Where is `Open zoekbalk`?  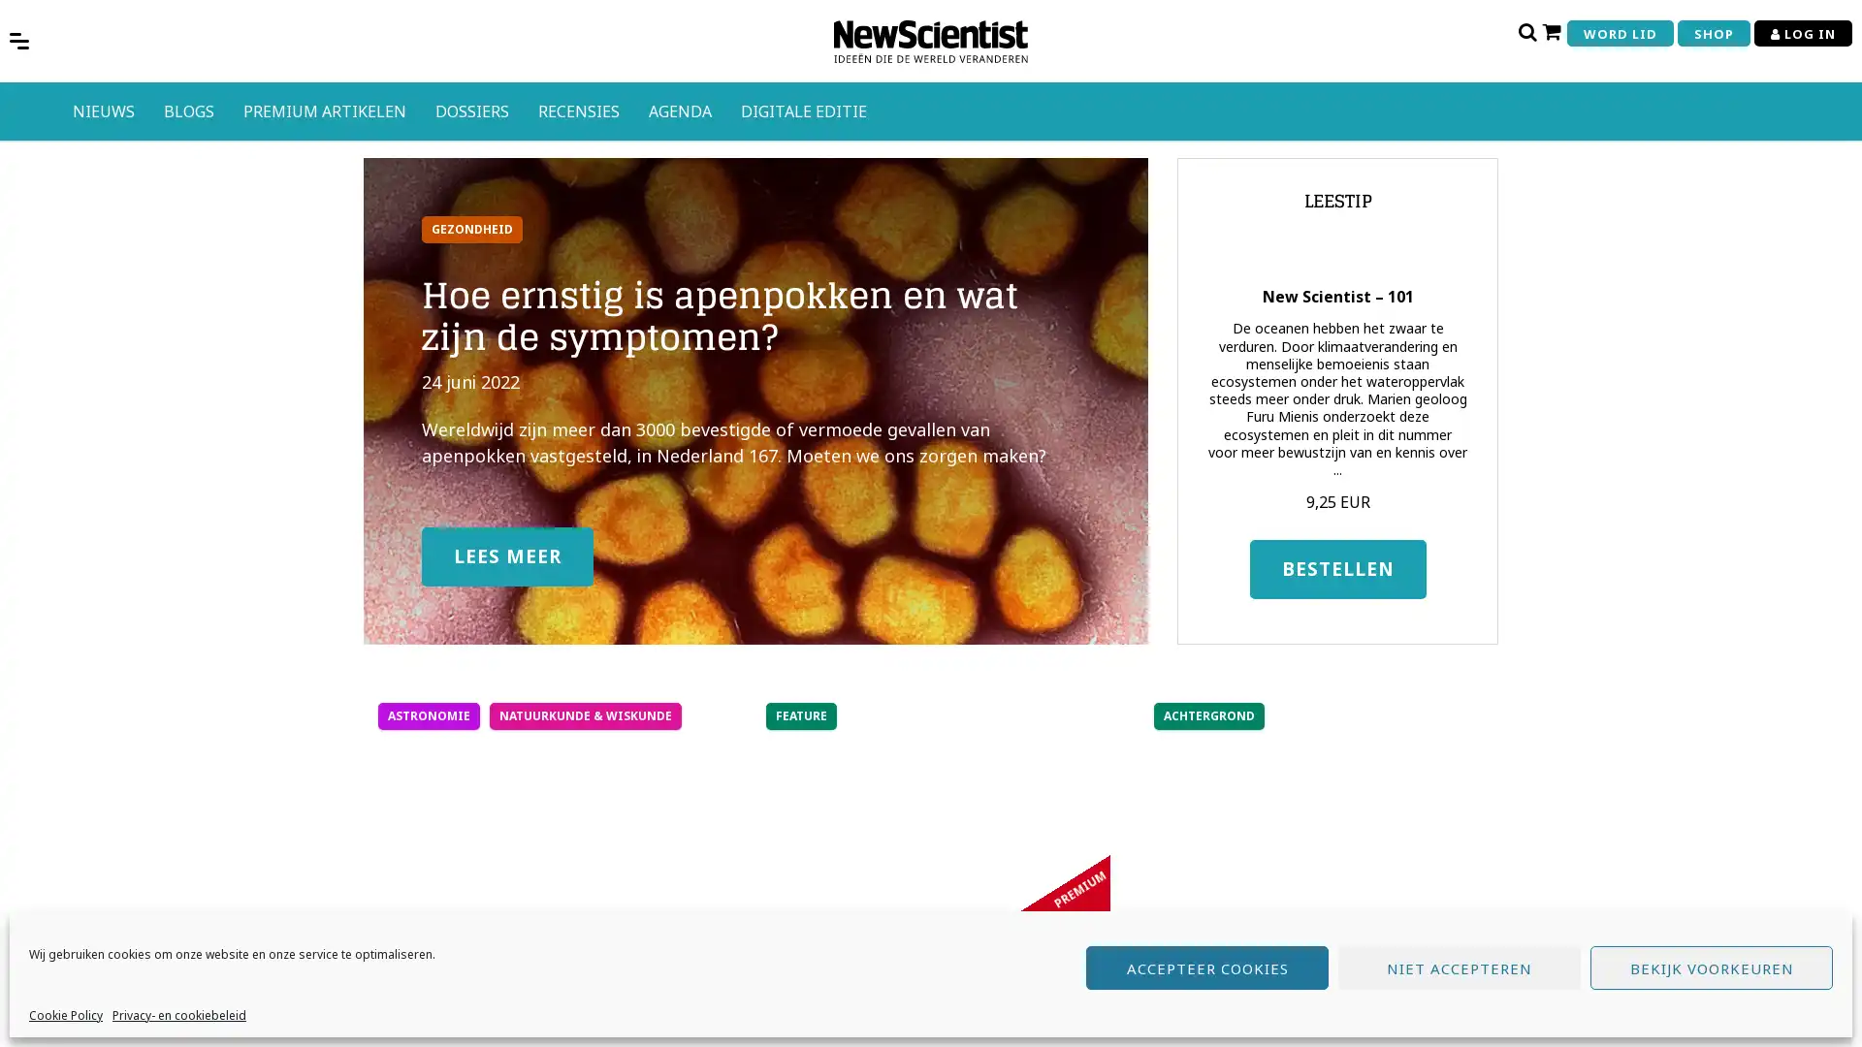
Open zoekbalk is located at coordinates (1525, 31).